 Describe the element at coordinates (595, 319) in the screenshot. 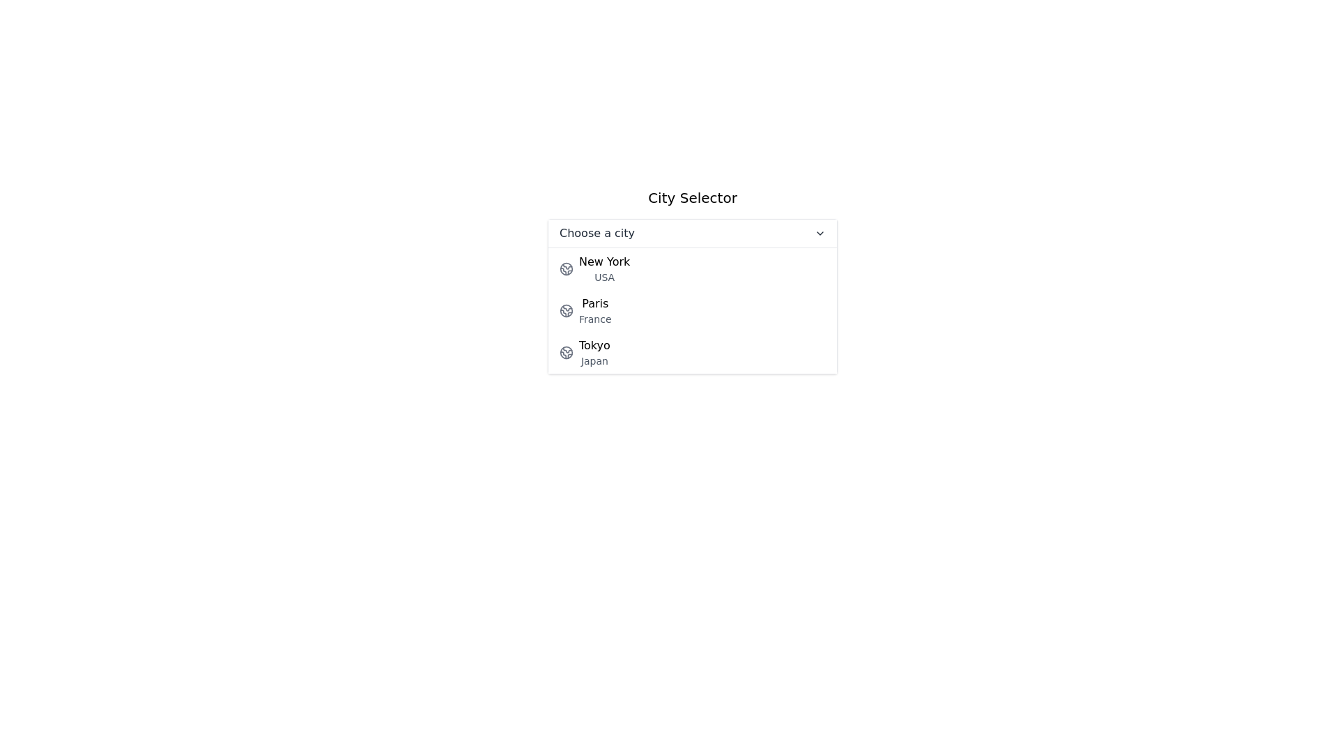

I see `the descriptive text label indicating the country for the city 'Paris' in the dropdown list under the 'City Selector' module` at that location.